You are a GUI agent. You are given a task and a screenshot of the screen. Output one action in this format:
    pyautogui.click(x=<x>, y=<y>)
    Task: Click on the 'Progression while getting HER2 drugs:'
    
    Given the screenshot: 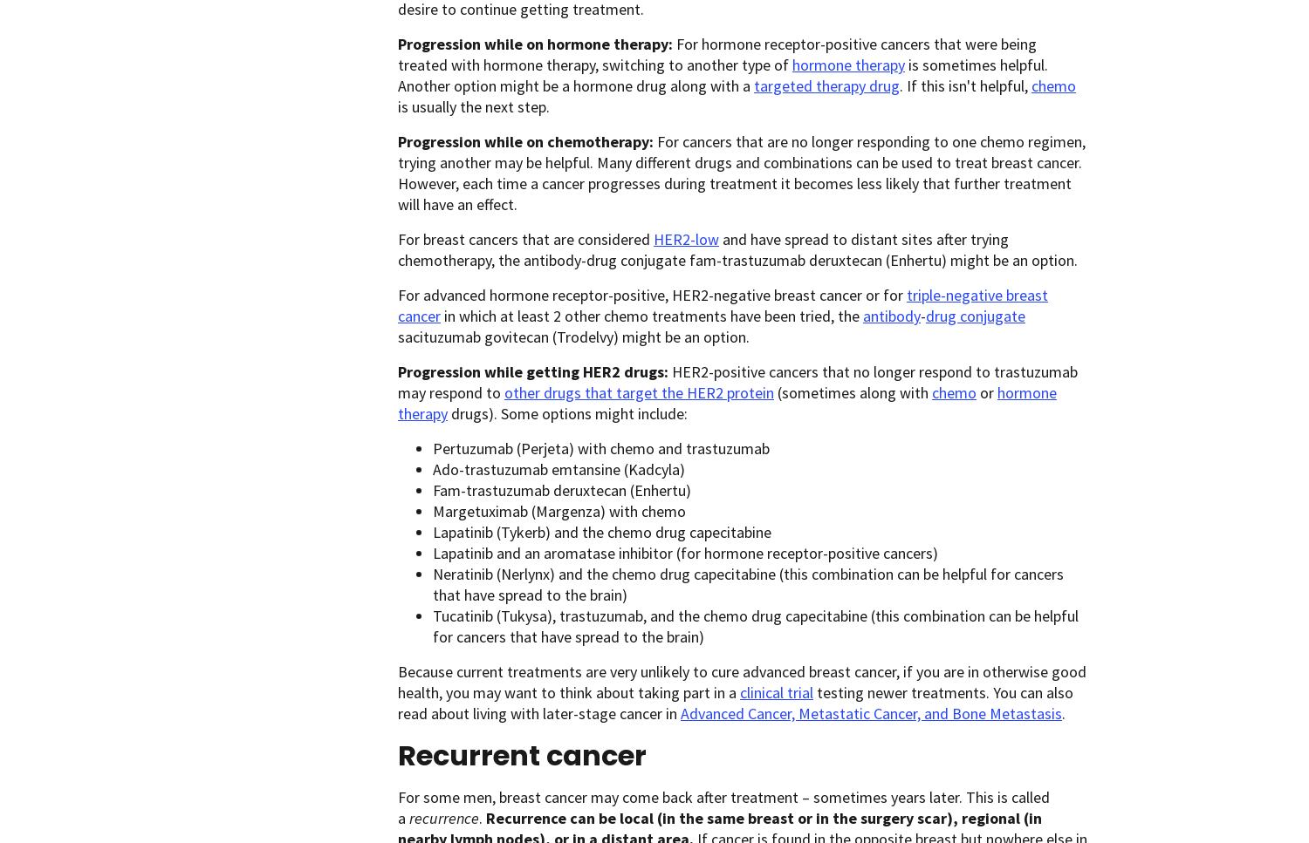 What is the action you would take?
    pyautogui.click(x=534, y=371)
    